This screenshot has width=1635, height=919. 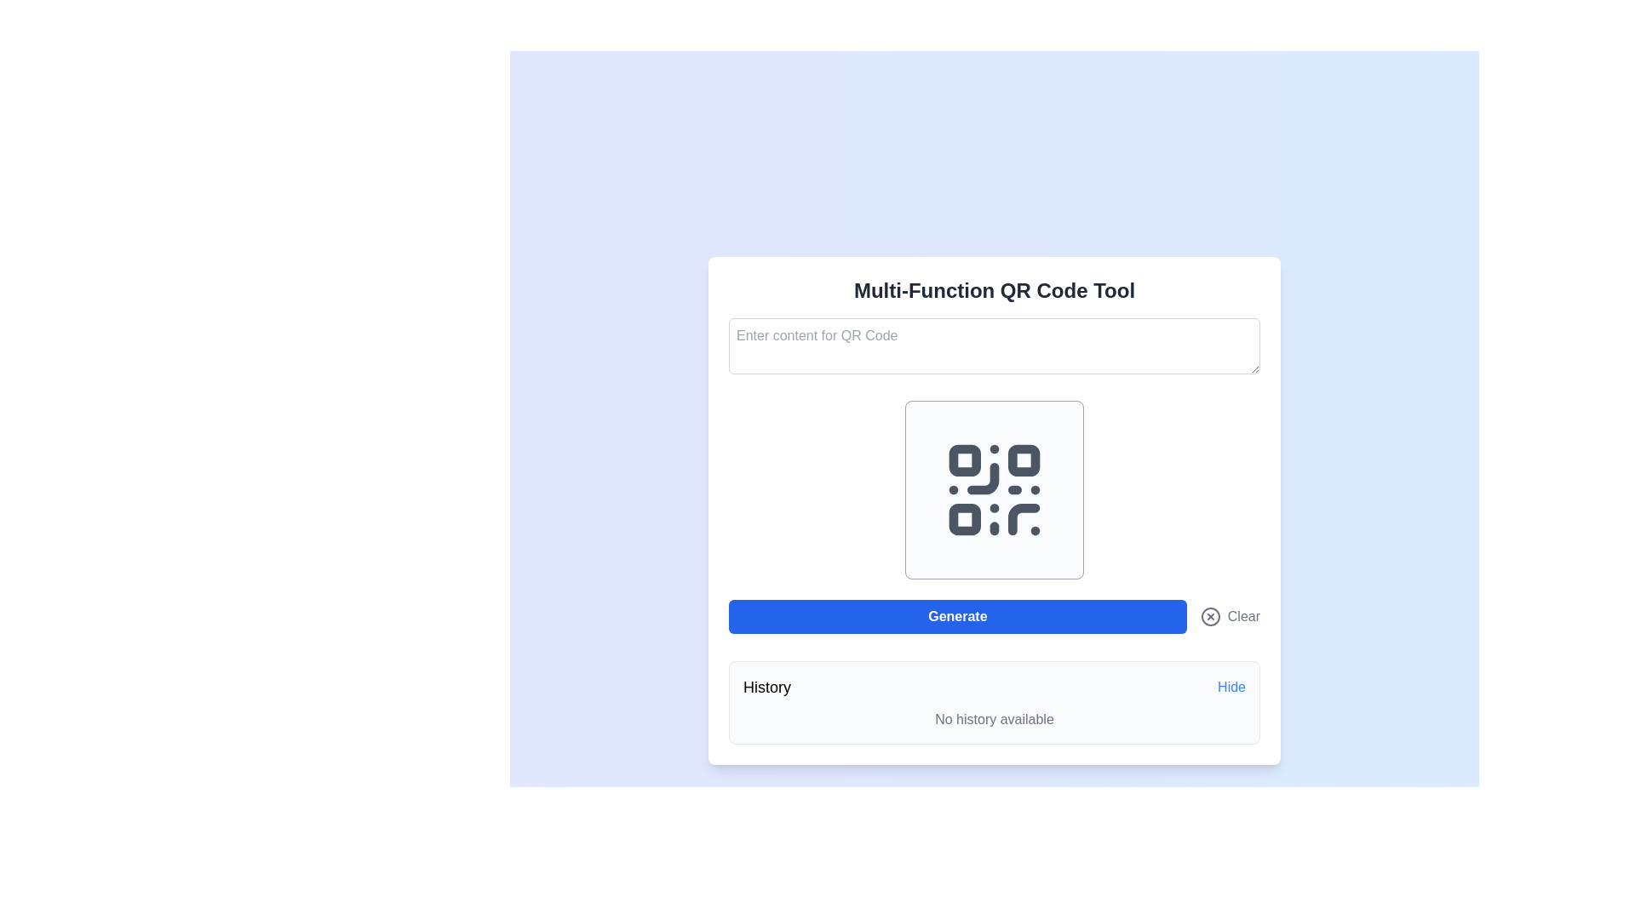 What do you see at coordinates (1023, 518) in the screenshot?
I see `the curving line in the bottom-right area of the QR code graphic, which is part of the SVG design` at bounding box center [1023, 518].